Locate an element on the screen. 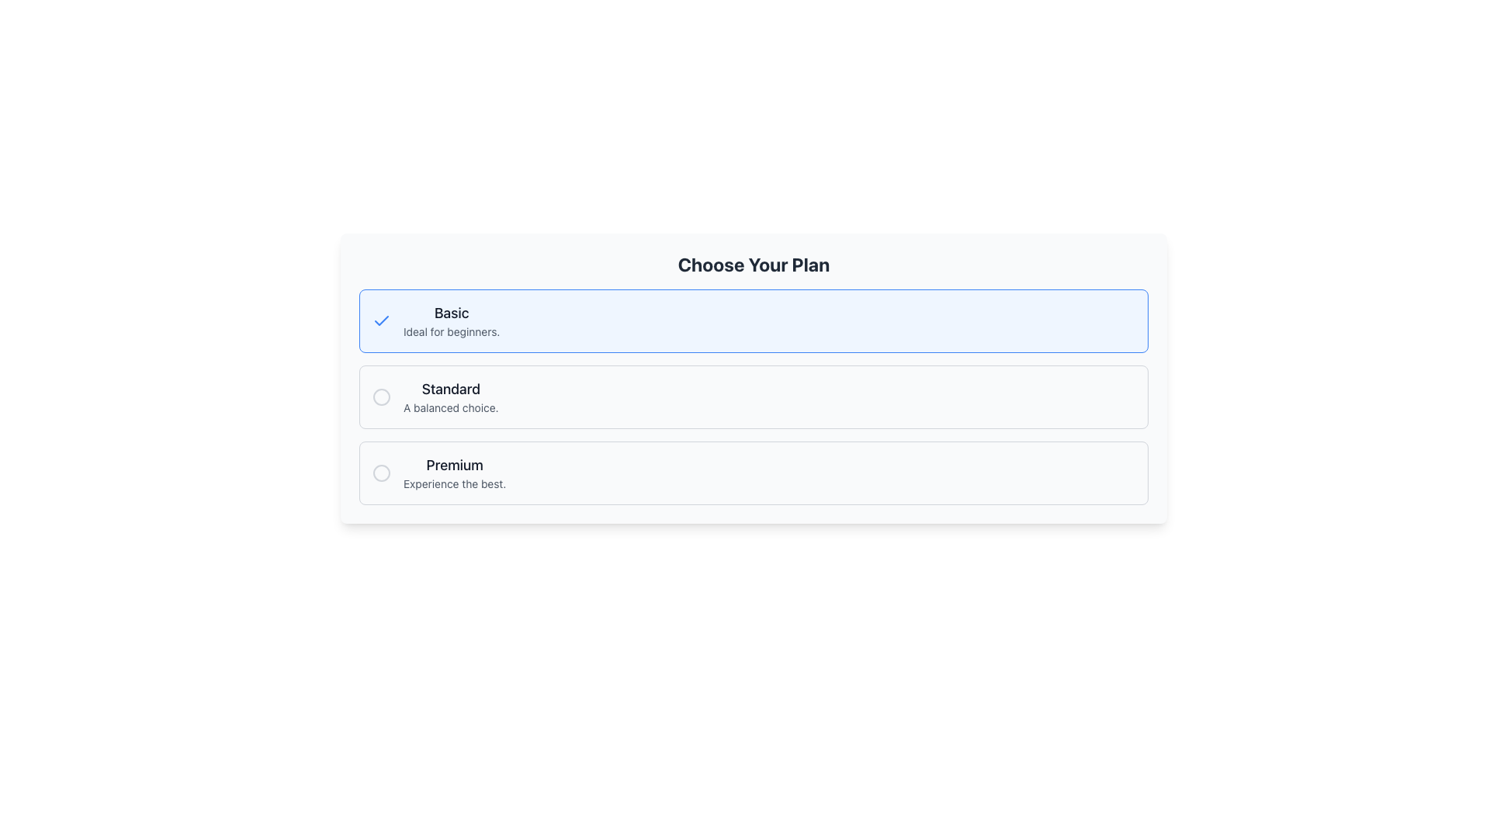  the supplementary description text that provides additional context for the 'Premium' plan, located below the 'Premium' label is located at coordinates (454, 483).